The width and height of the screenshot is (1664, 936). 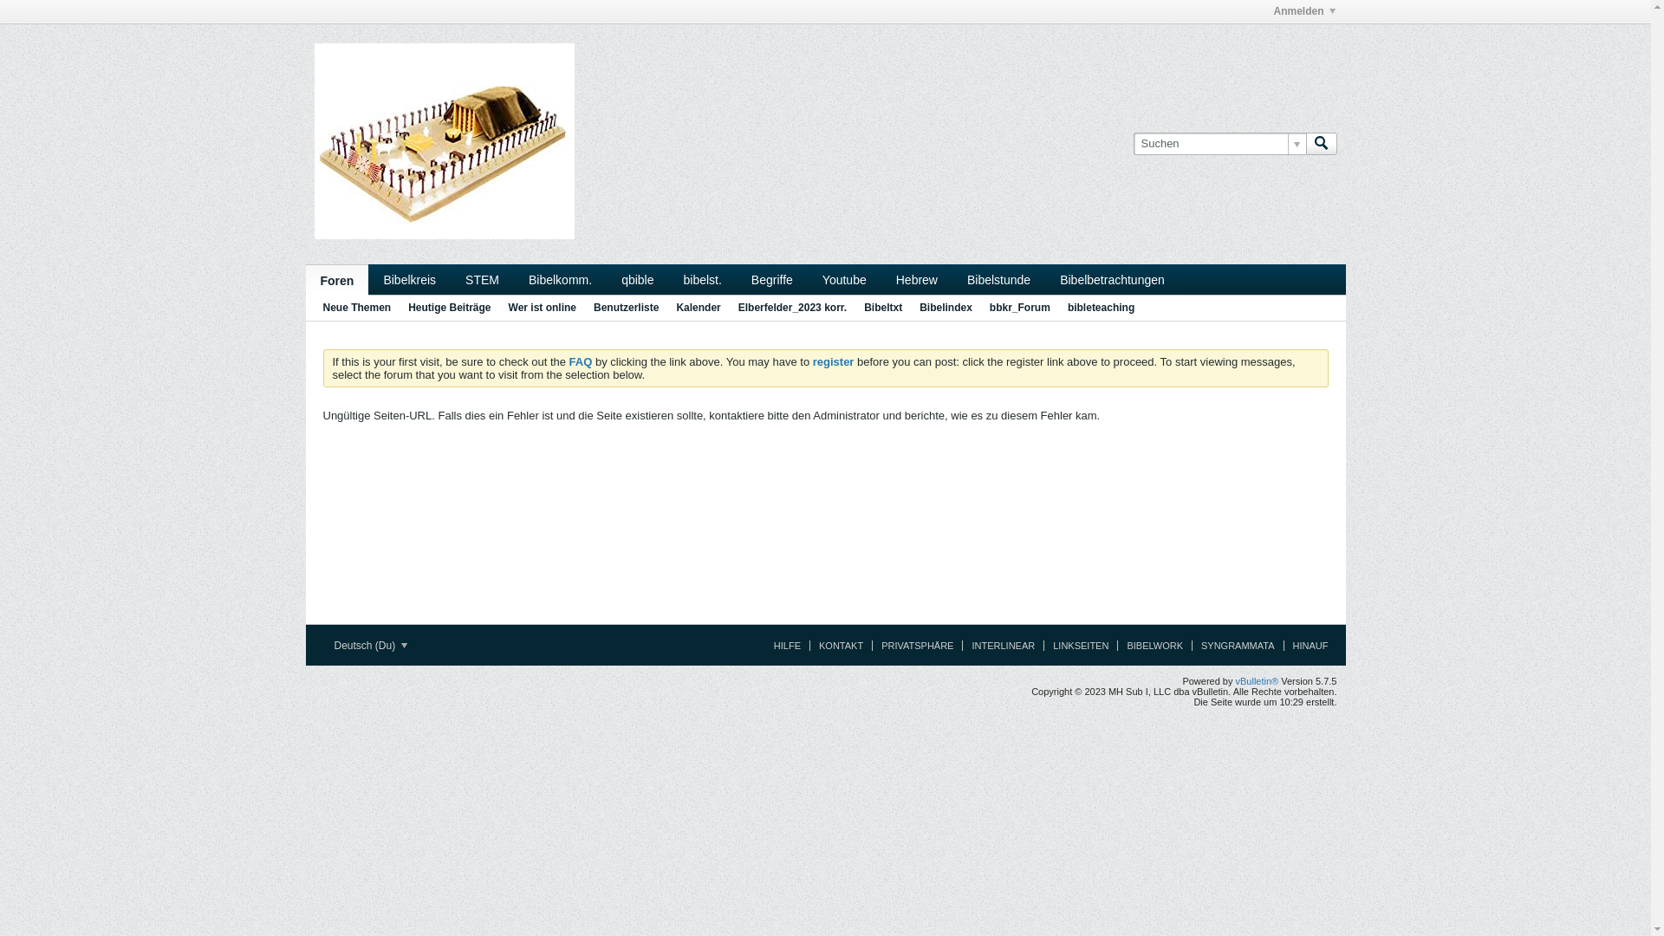 I want to click on 'SYNGRAMMATA', so click(x=1190, y=645).